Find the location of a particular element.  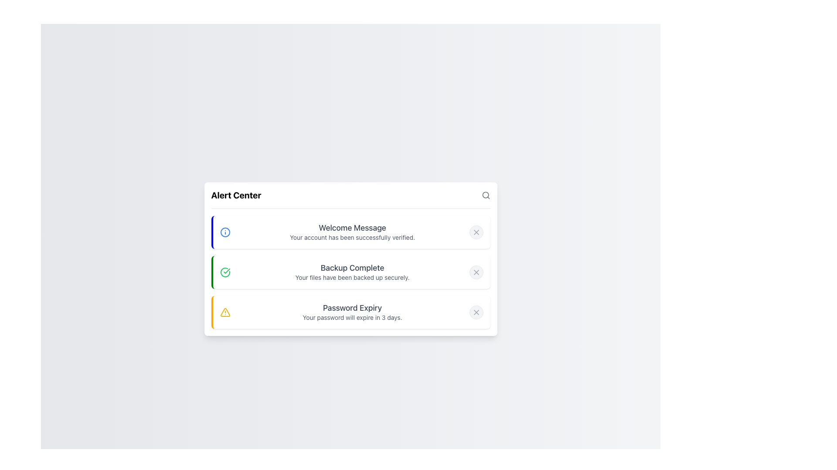

the magnifying glass icon representing the search feature located at the top right corner of the Alert Center panel, adjacent to the title text 'Alert Center' is located at coordinates (485, 195).